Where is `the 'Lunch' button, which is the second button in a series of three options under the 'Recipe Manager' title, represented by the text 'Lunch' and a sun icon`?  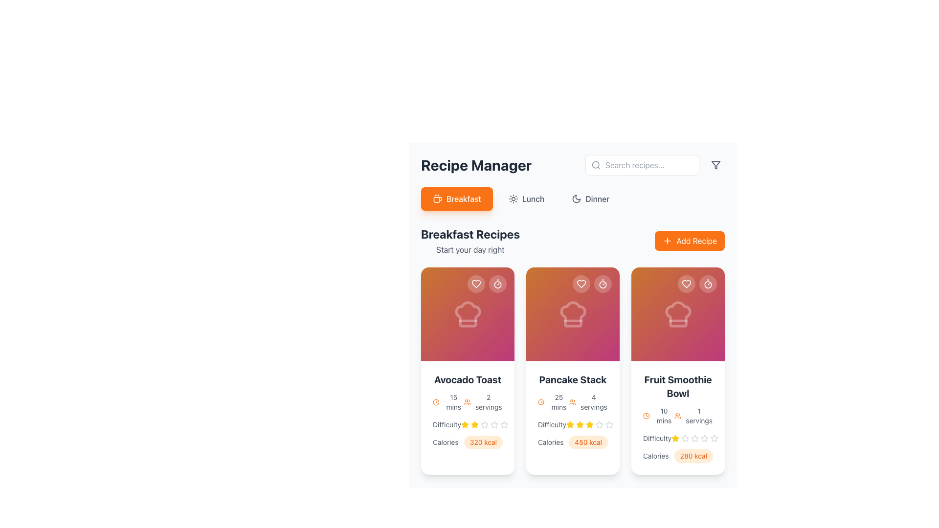 the 'Lunch' button, which is the second button in a series of three options under the 'Recipe Manager' title, represented by the text 'Lunch' and a sun icon is located at coordinates (526, 198).